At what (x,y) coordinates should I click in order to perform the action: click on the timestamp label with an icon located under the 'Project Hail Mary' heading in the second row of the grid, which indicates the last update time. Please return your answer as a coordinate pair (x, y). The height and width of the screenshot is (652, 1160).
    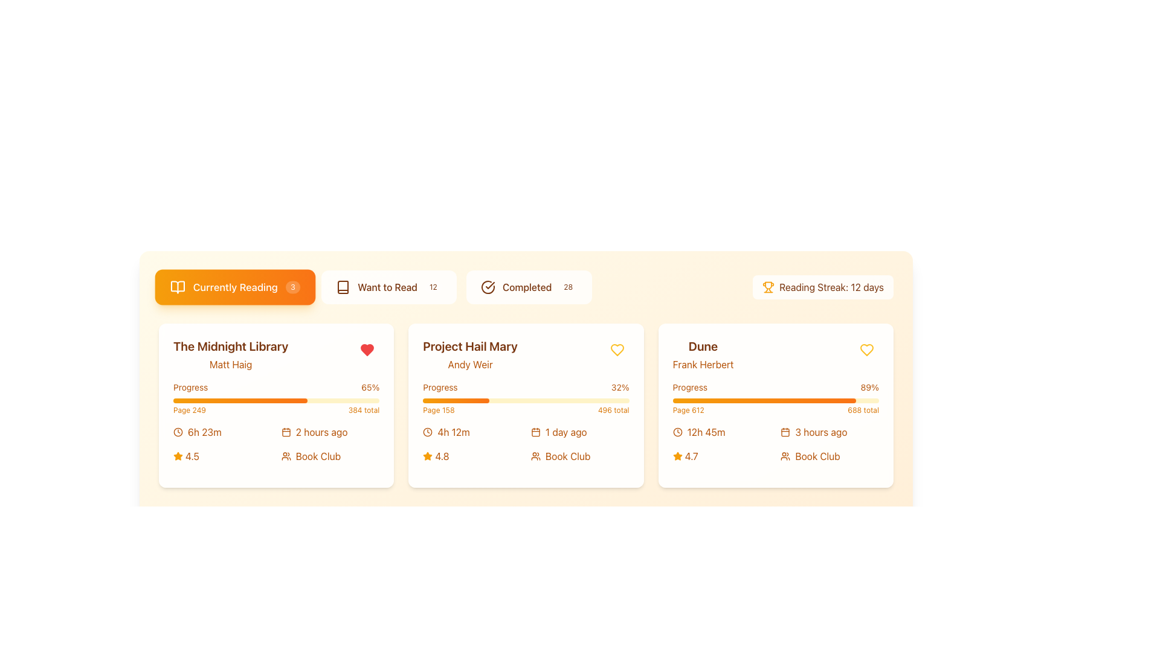
    Looking at the image, I should click on (580, 432).